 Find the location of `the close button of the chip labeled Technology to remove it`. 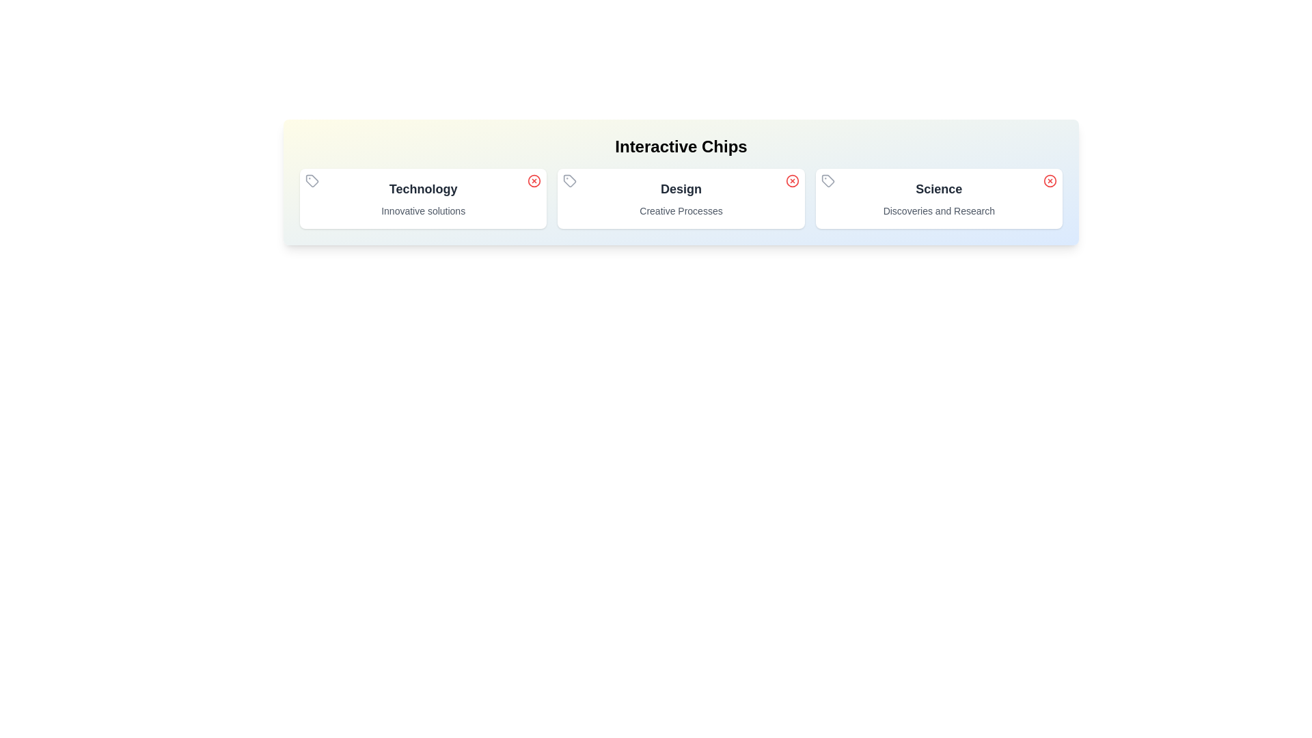

the close button of the chip labeled Technology to remove it is located at coordinates (534, 180).